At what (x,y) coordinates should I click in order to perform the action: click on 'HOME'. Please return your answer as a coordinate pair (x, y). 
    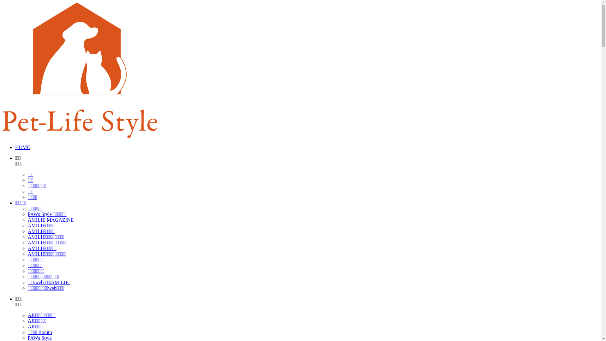
    Looking at the image, I should click on (22, 147).